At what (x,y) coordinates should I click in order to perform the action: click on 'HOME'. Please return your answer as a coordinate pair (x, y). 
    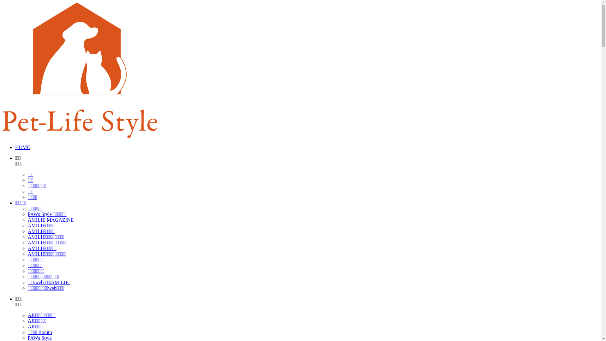
    Looking at the image, I should click on (22, 147).